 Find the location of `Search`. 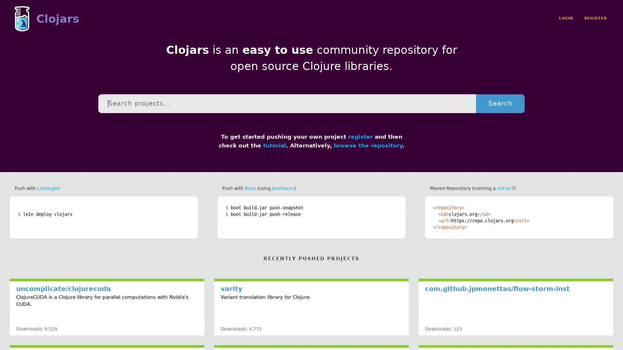

Search is located at coordinates (500, 103).